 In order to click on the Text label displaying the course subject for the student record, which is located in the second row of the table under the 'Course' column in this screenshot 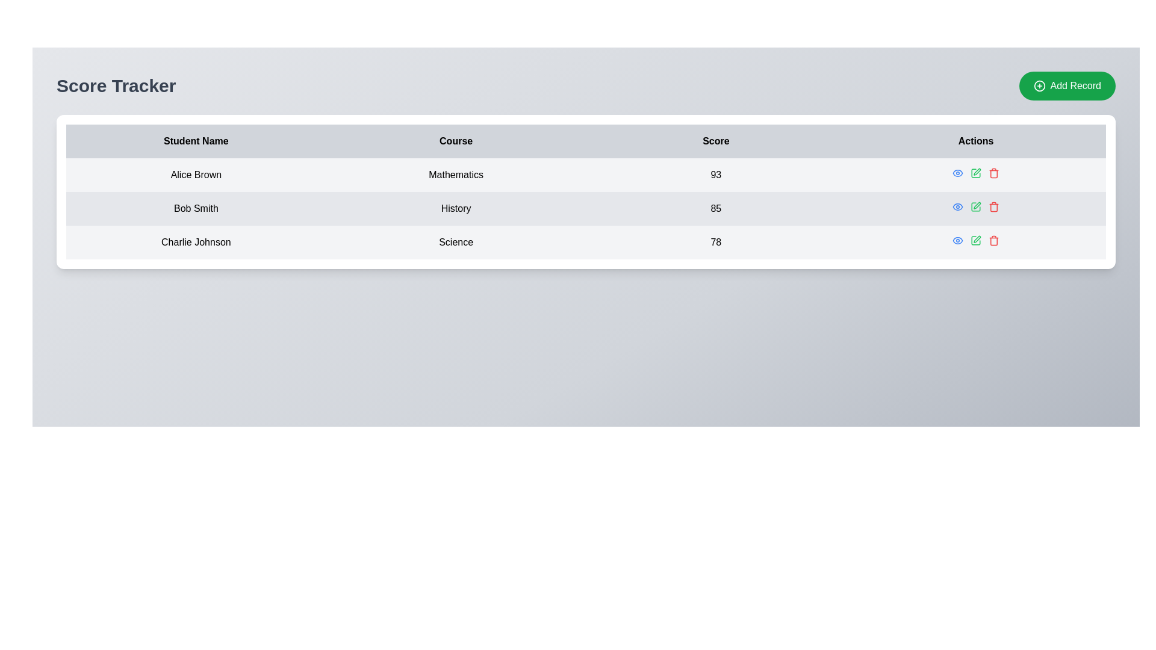, I will do `click(455, 208)`.